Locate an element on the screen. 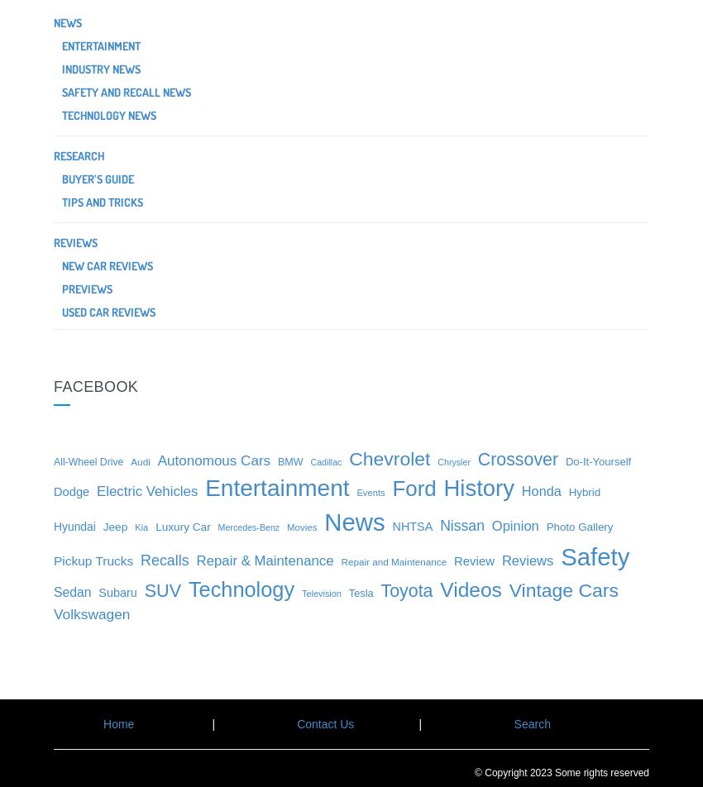 The image size is (703, 787). 'Volkswagen' is located at coordinates (91, 614).